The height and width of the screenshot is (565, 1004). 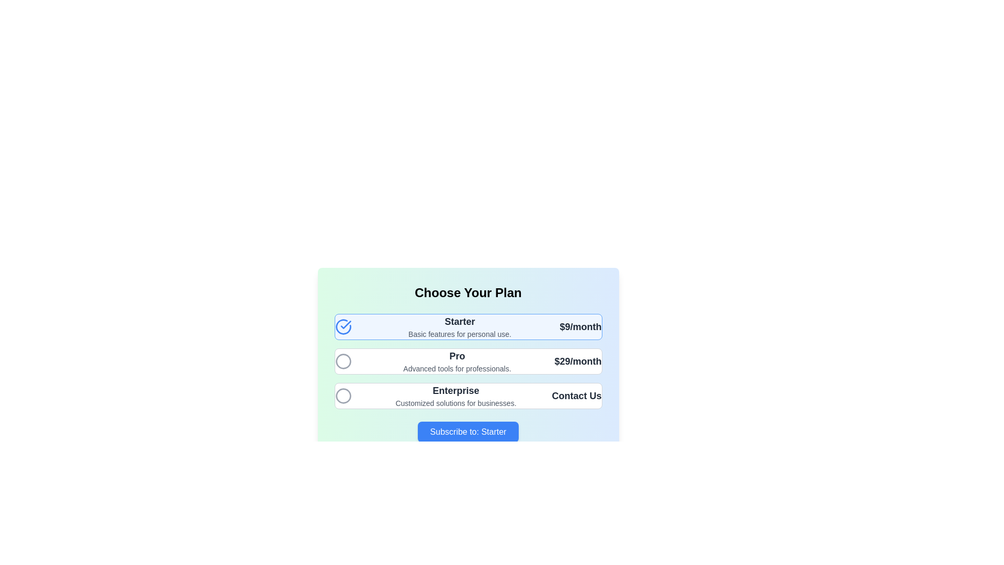 What do you see at coordinates (467, 432) in the screenshot?
I see `keyboard navigation` at bounding box center [467, 432].